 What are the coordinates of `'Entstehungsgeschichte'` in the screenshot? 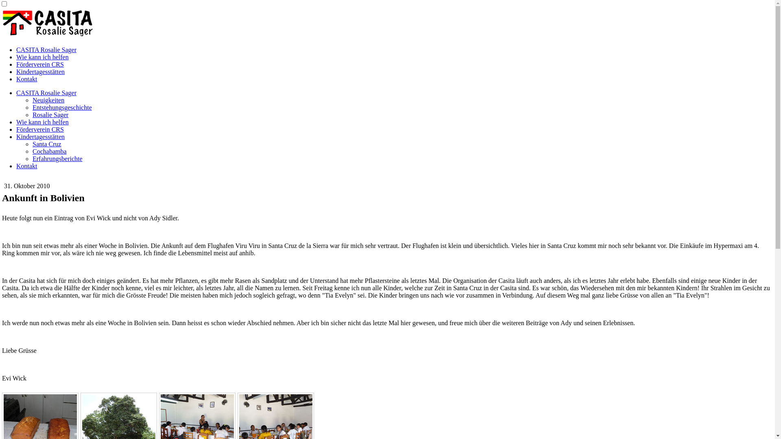 It's located at (62, 107).